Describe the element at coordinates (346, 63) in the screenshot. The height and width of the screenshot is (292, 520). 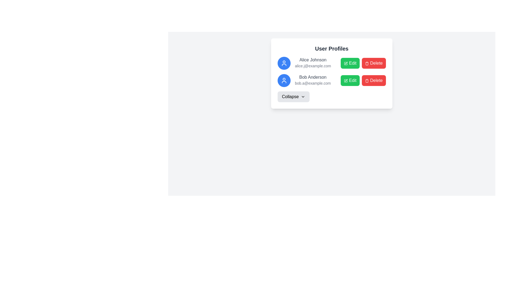
I see `the small green pen icon inside the 'Edit' button located to the right of the first user profile` at that location.